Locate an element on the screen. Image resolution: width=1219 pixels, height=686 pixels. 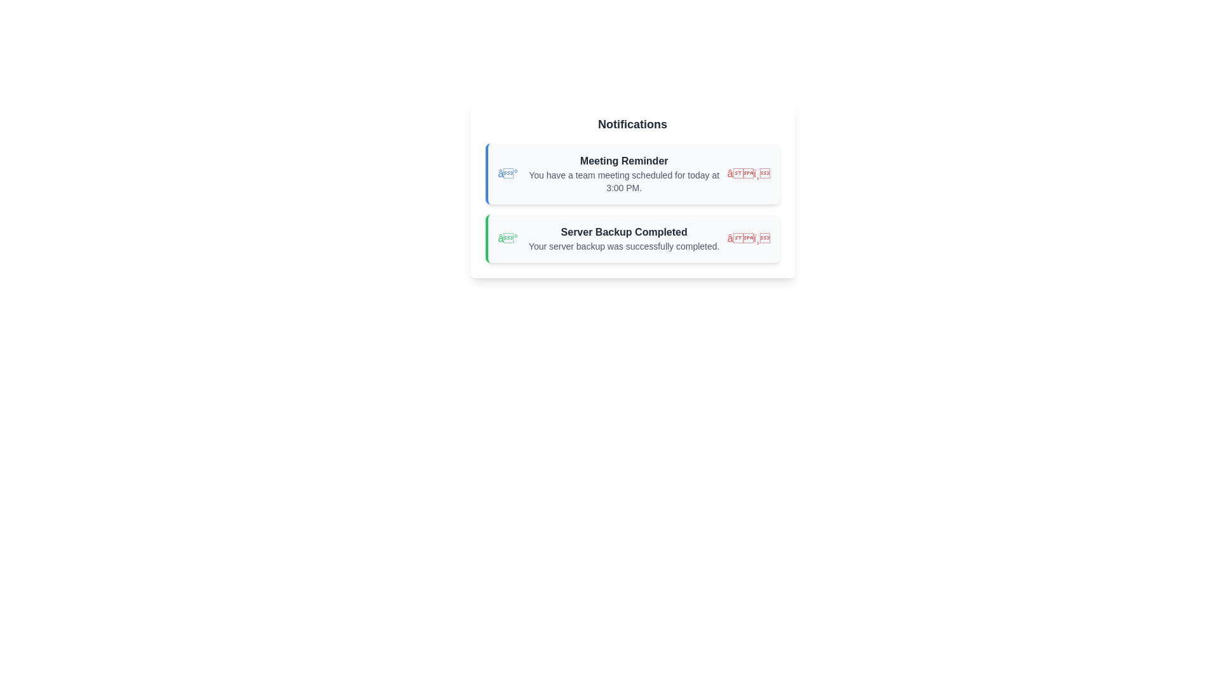
the small green circular arrow icon indicating a completed action in the notification list titled 'Server Backup Completed' is located at coordinates (505, 238).